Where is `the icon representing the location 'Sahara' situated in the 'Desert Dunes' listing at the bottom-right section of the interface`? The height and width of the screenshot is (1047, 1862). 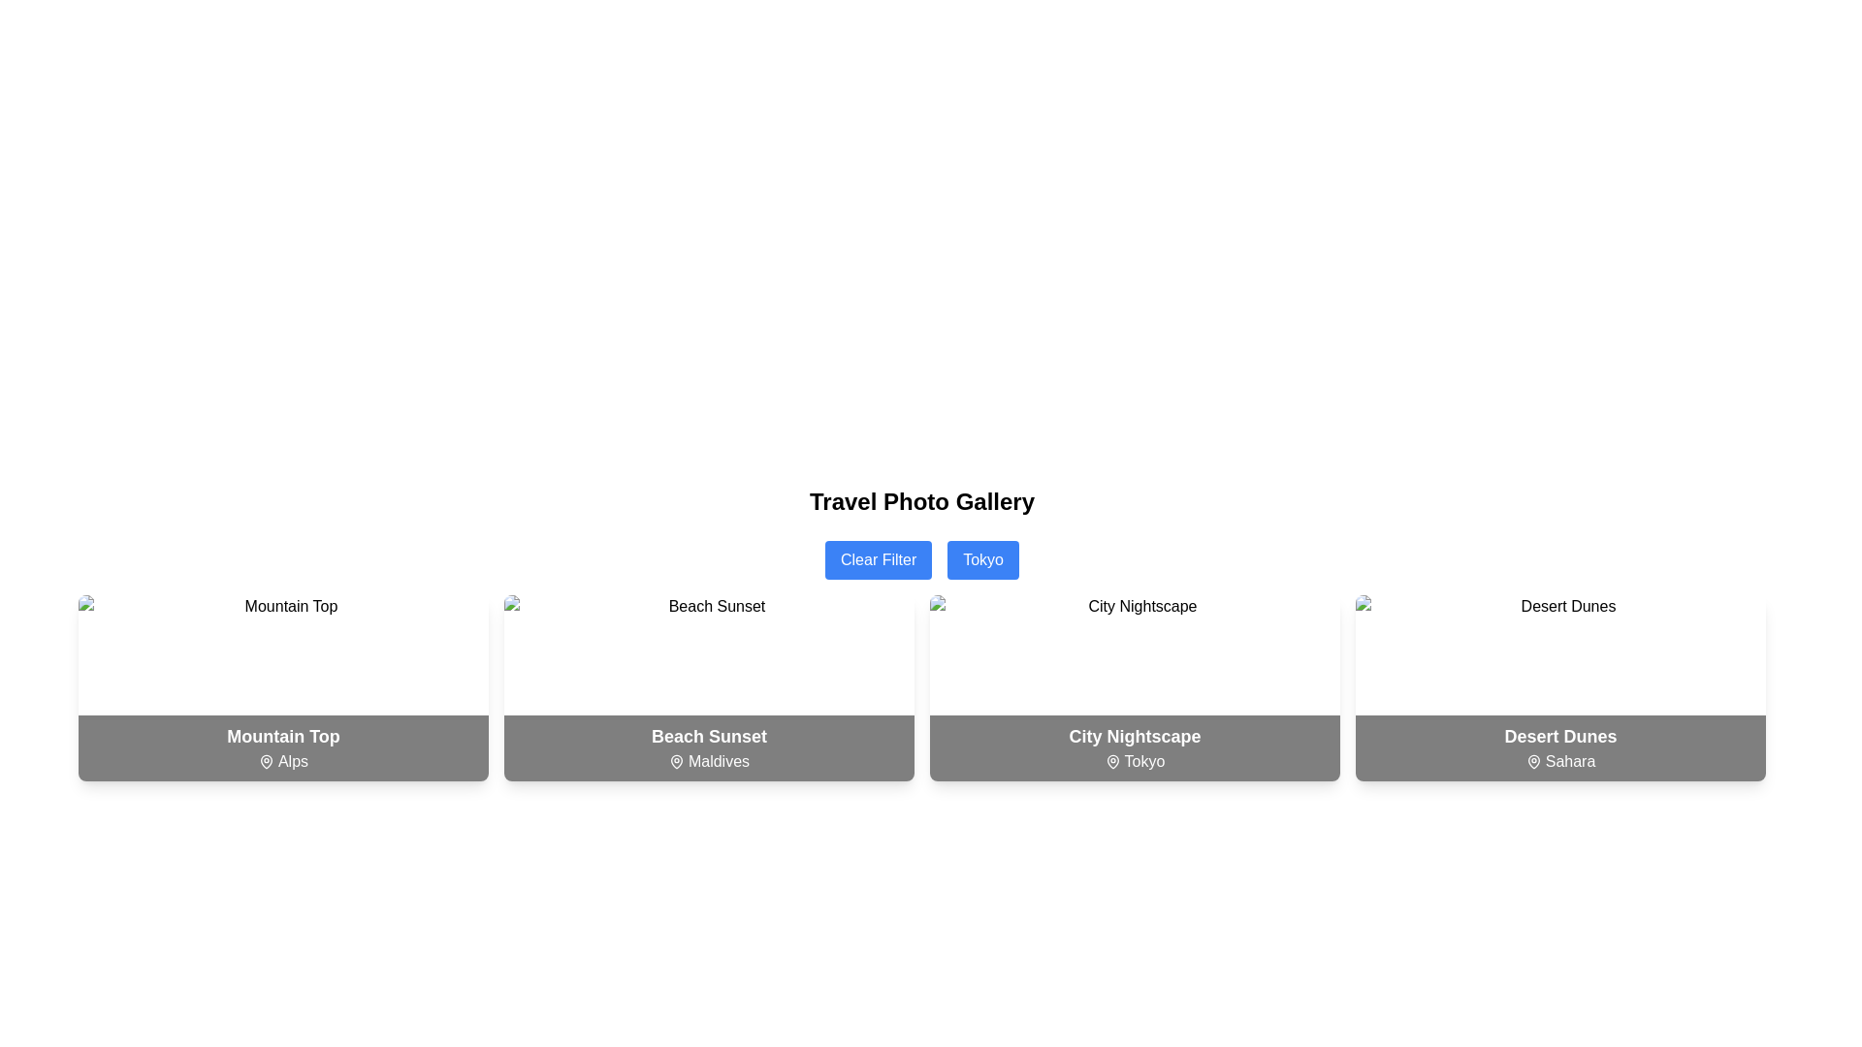
the icon representing the location 'Sahara' situated in the 'Desert Dunes' listing at the bottom-right section of the interface is located at coordinates (1532, 761).